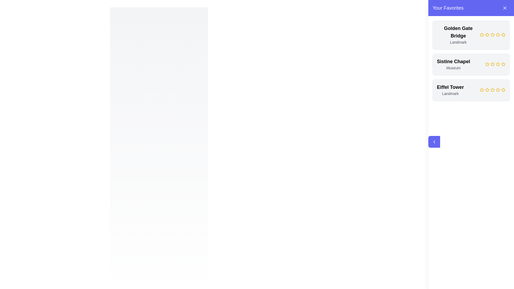 The height and width of the screenshot is (289, 514). I want to click on the second yellow star icon in the rating system for the 'Sistine Chapel' entry under 'Your Favorites', so click(492, 64).